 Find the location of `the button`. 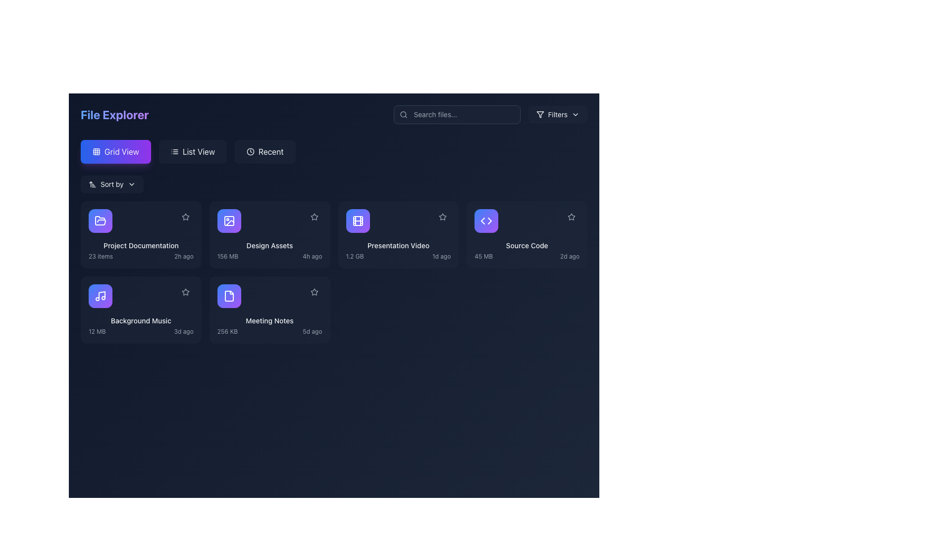

the button is located at coordinates (571, 217).